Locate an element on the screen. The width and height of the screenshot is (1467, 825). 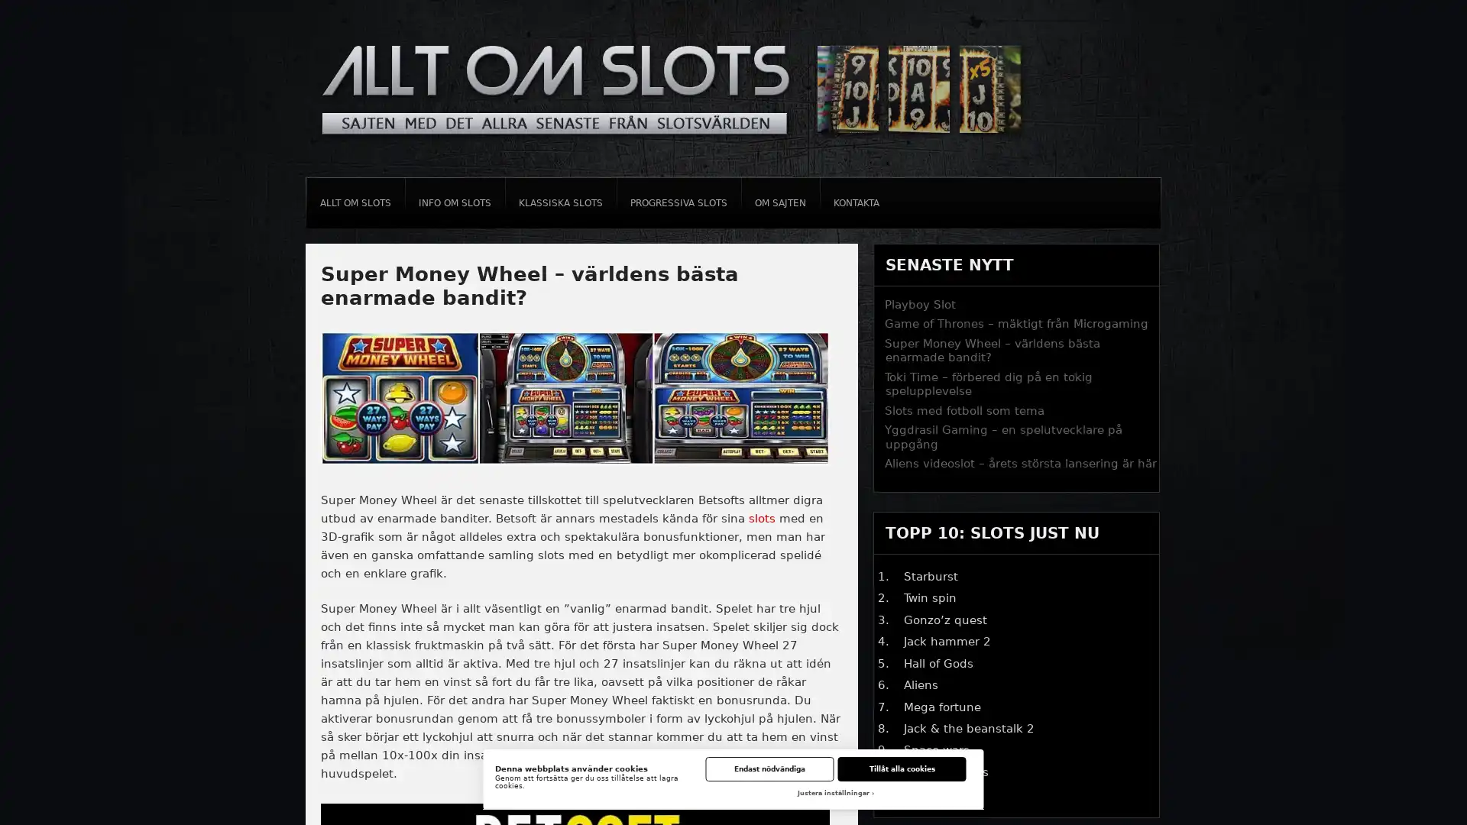
Justera installningar is located at coordinates (834, 792).